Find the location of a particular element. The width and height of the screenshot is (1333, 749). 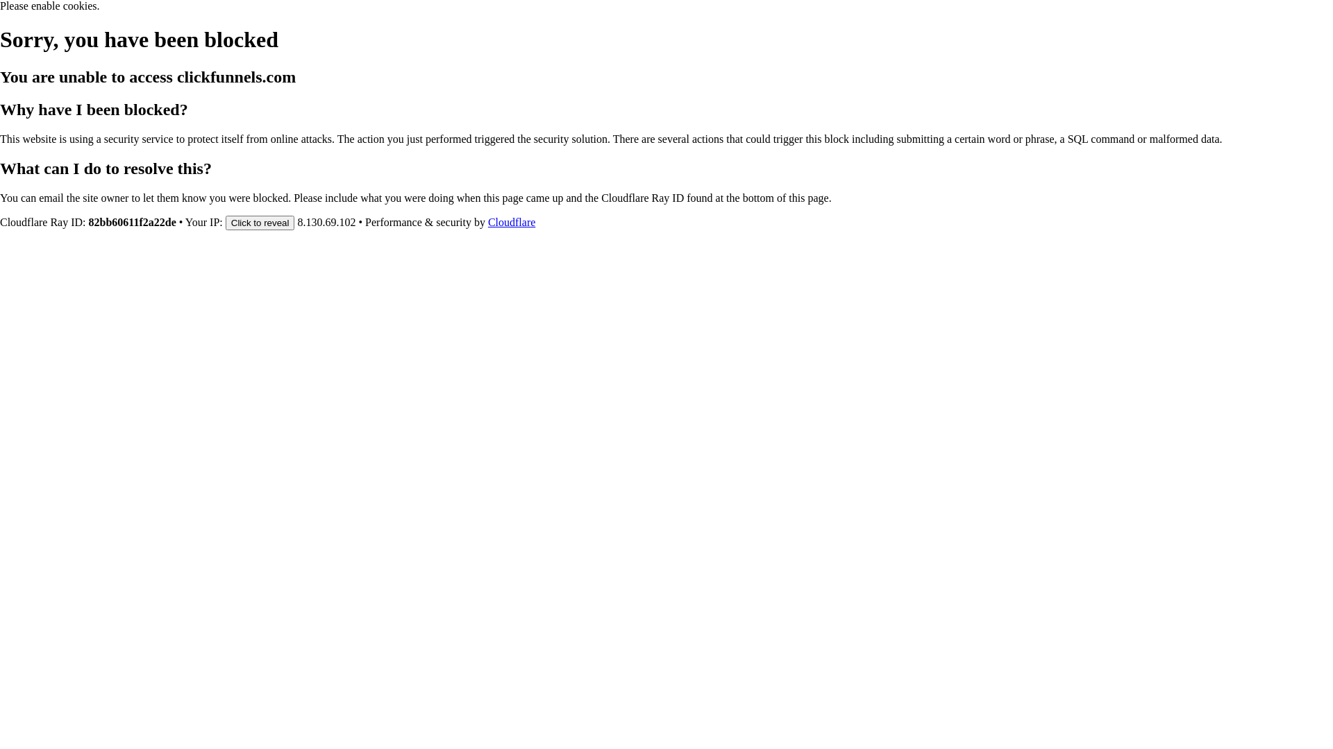

'Cloudflare' is located at coordinates (511, 221).